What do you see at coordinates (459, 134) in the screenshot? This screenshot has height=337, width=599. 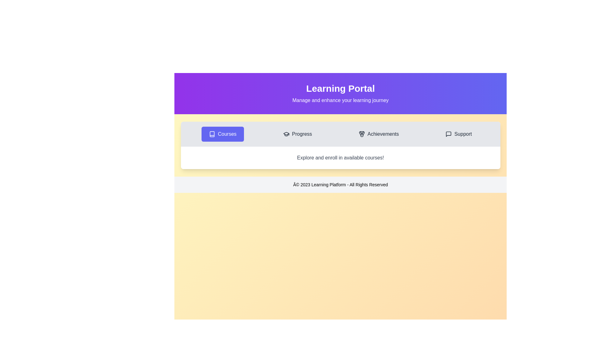 I see `the 'Support' button with a chat bubble icon located in the top-right segment of the horizontal menu bar` at bounding box center [459, 134].